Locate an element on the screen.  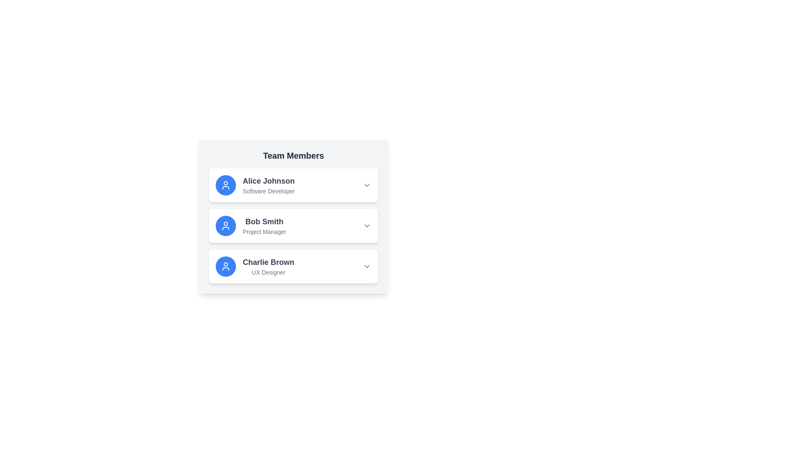
the downward chevron icon at the far right of the 'Bob Smith' card is located at coordinates (367, 225).